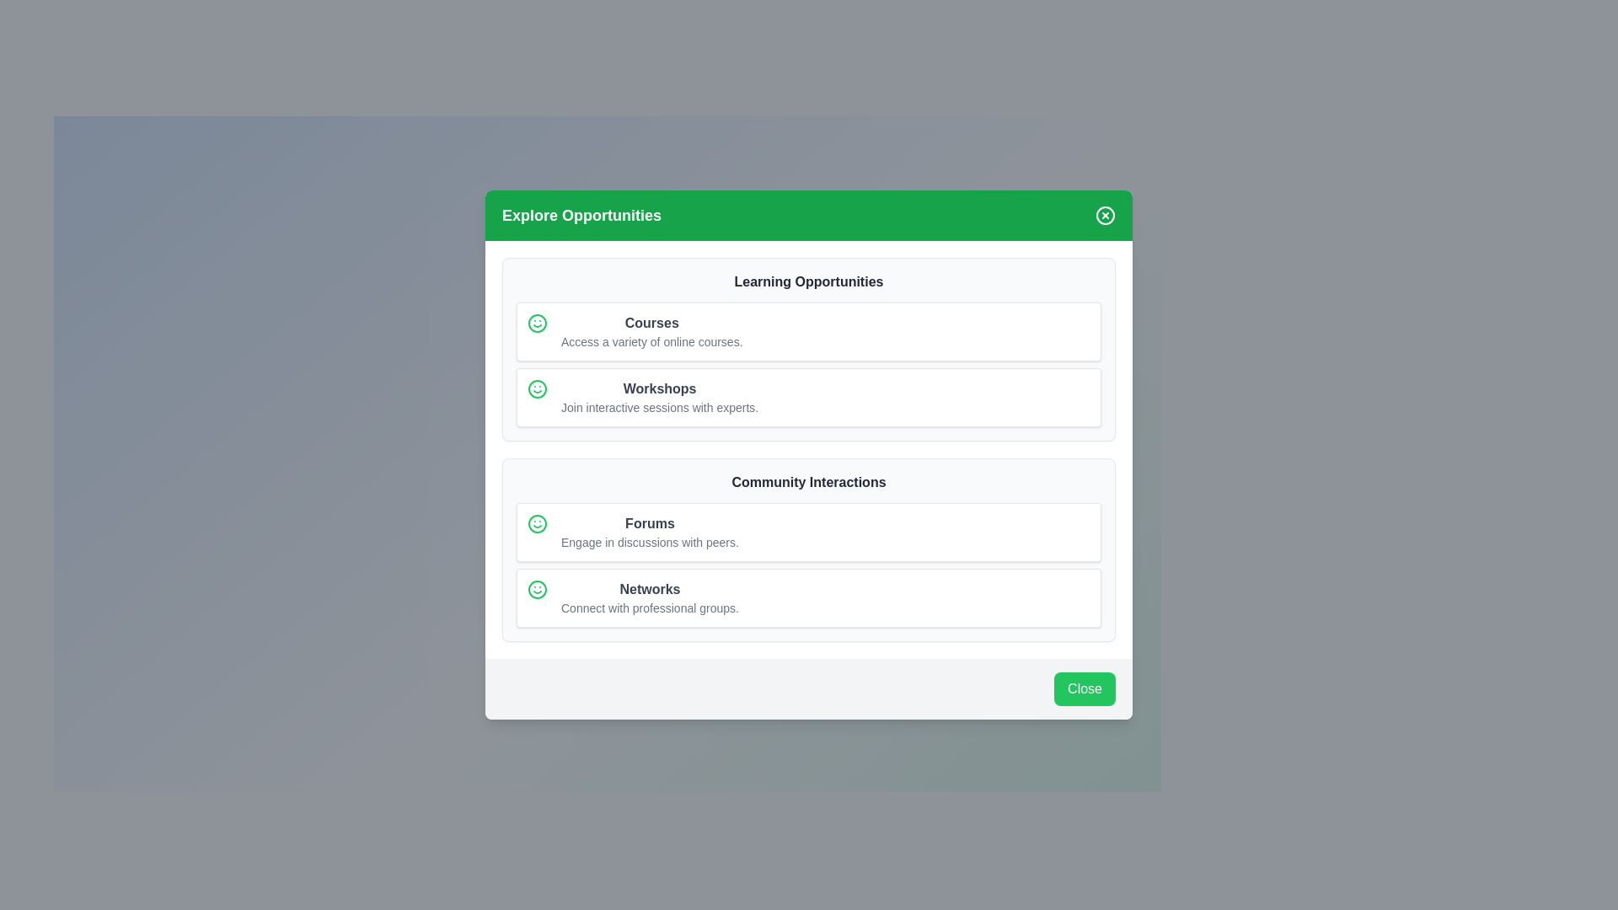 The height and width of the screenshot is (910, 1618). Describe the element at coordinates (809, 397) in the screenshot. I see `the Informational Card titled 'Workshops' located in the 'Learning Opportunities' section of the 'Explore Opportunities' modal window` at that location.